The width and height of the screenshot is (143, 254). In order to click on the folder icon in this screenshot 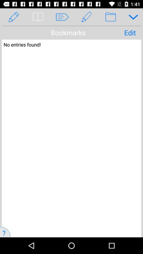, I will do `click(110, 17)`.